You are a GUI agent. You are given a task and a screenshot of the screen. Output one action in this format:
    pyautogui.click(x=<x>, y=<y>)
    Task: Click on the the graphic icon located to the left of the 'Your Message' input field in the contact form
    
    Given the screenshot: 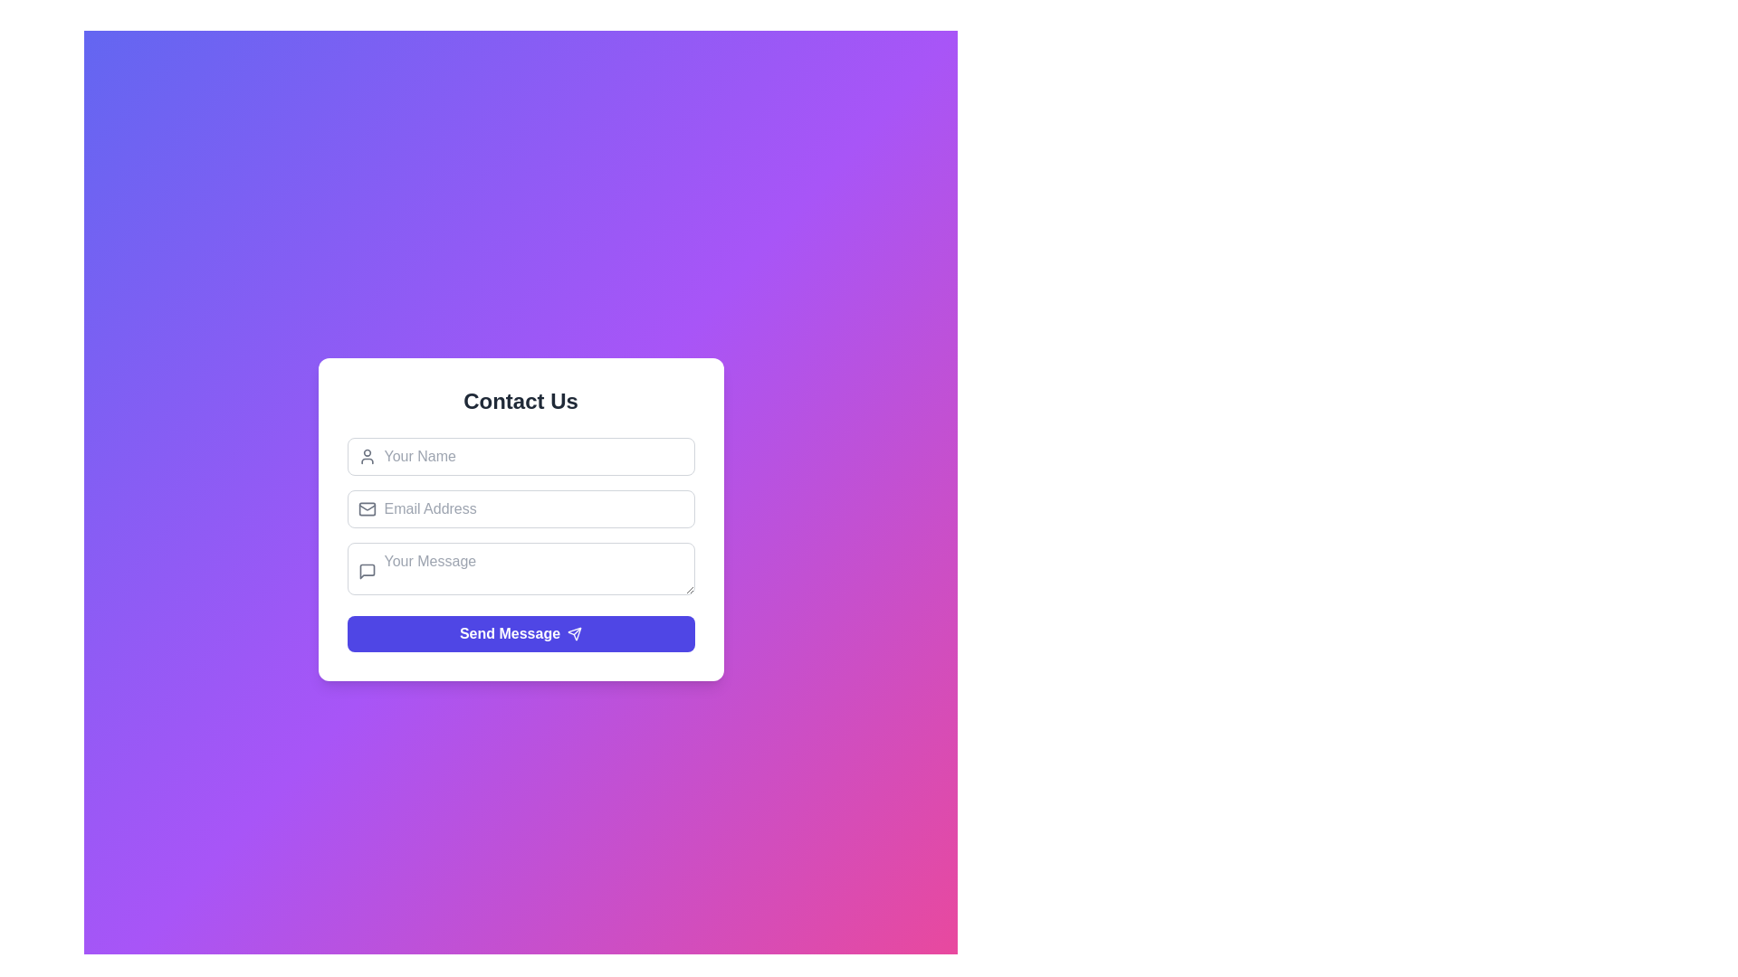 What is the action you would take?
    pyautogui.click(x=366, y=572)
    